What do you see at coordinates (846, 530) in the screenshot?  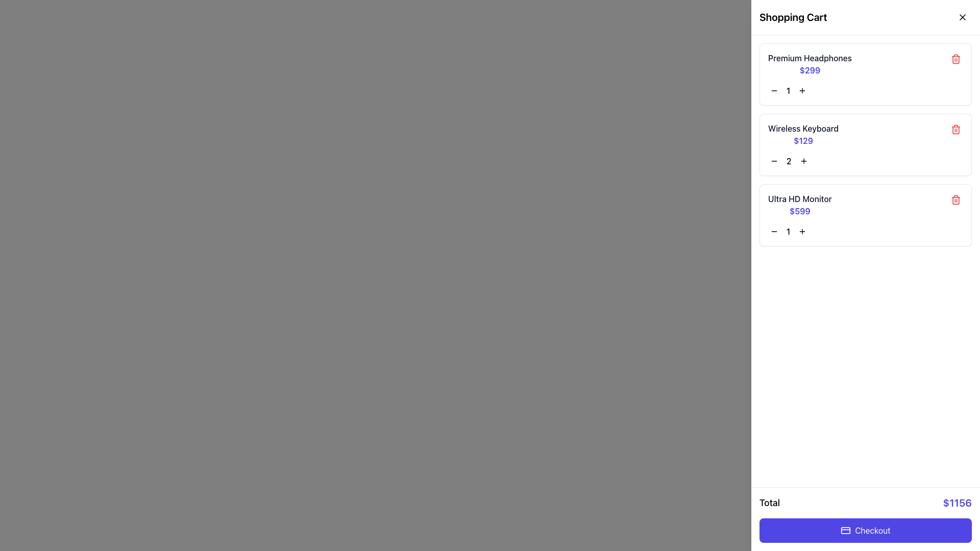 I see `the main larger rounded rectangle that forms the body of the credit card icon, located to the left of the 'Checkout' text on the purple button at the bottom-right of the interface` at bounding box center [846, 530].